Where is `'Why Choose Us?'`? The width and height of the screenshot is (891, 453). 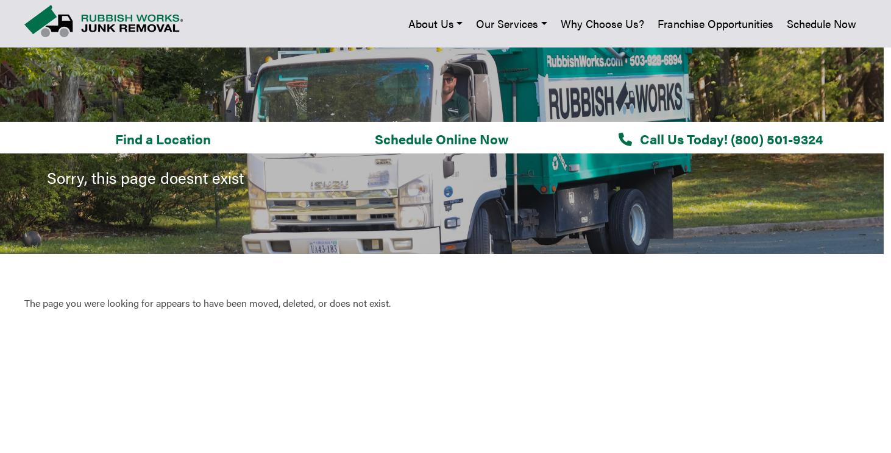
'Why Choose Us?' is located at coordinates (12, 231).